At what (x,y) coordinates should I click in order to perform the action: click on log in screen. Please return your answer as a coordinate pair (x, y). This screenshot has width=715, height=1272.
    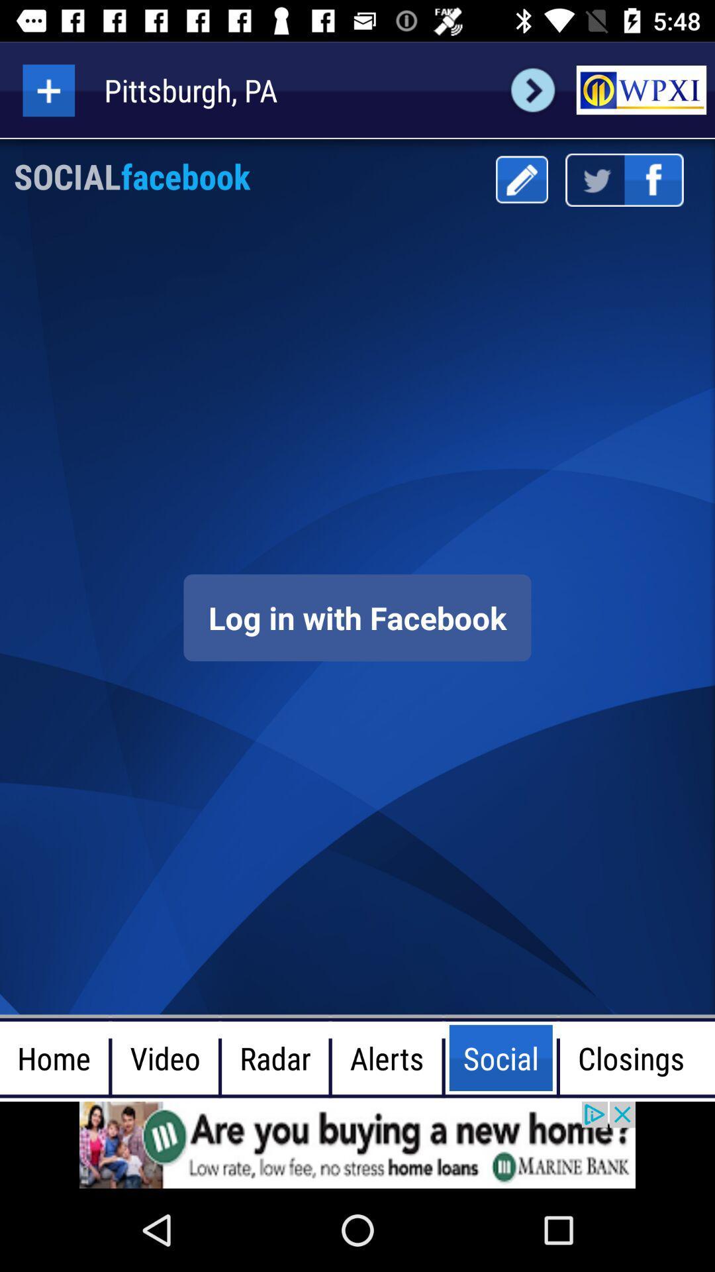
    Looking at the image, I should click on (358, 617).